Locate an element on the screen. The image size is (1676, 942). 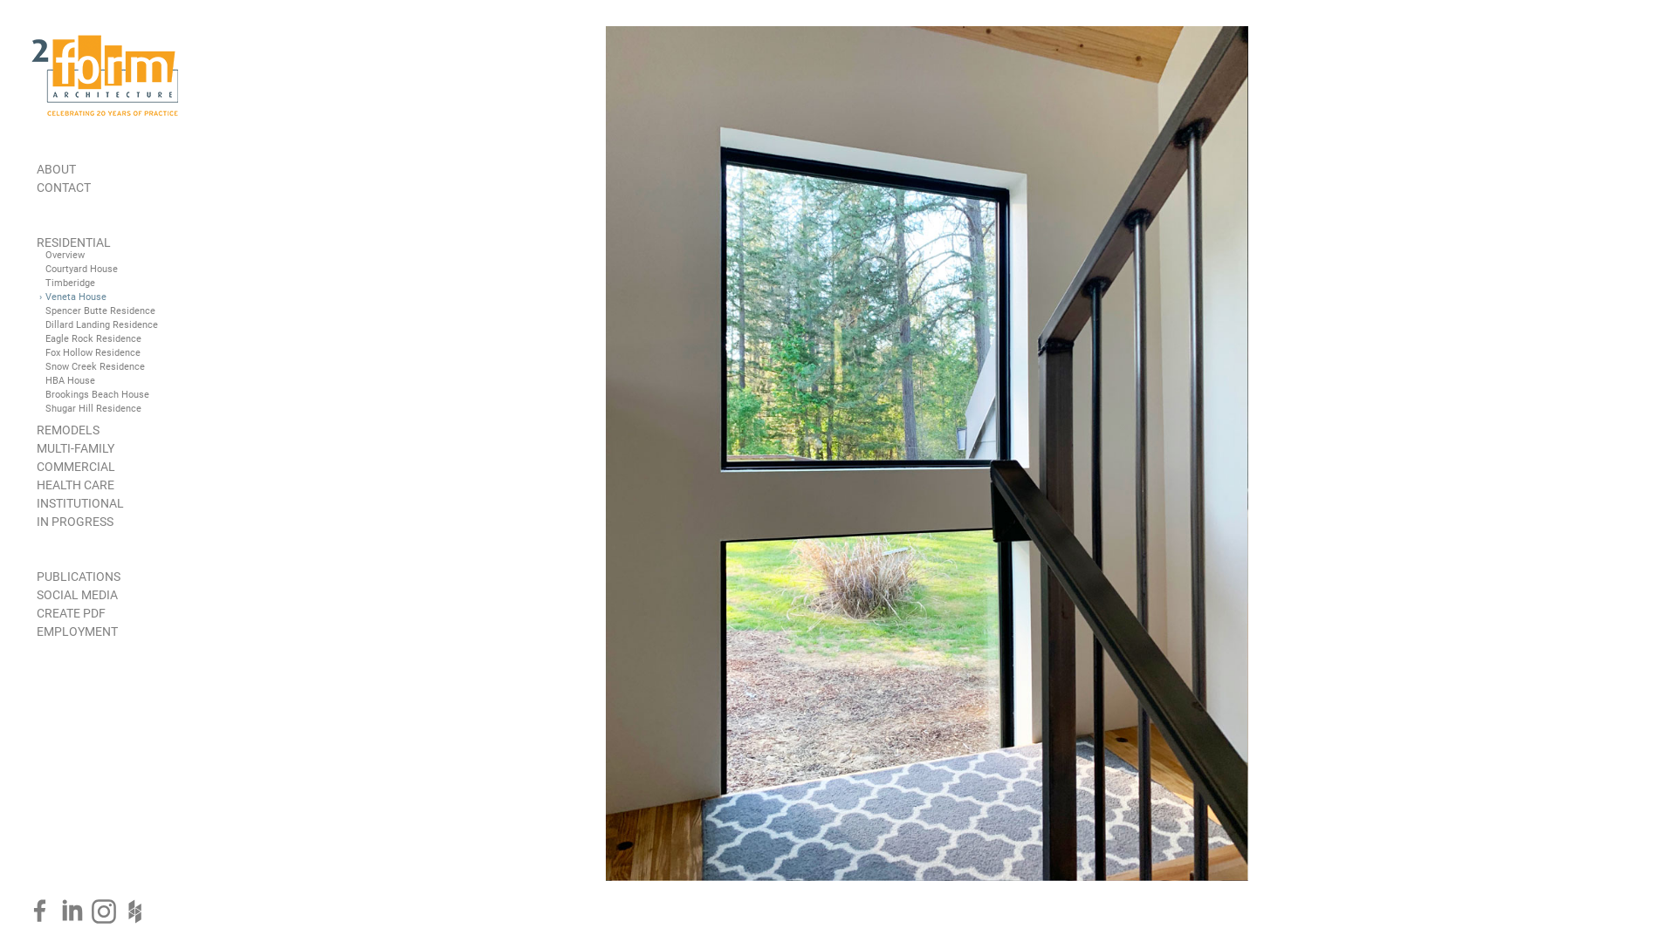
'EMPLOYMENT' is located at coordinates (76, 631).